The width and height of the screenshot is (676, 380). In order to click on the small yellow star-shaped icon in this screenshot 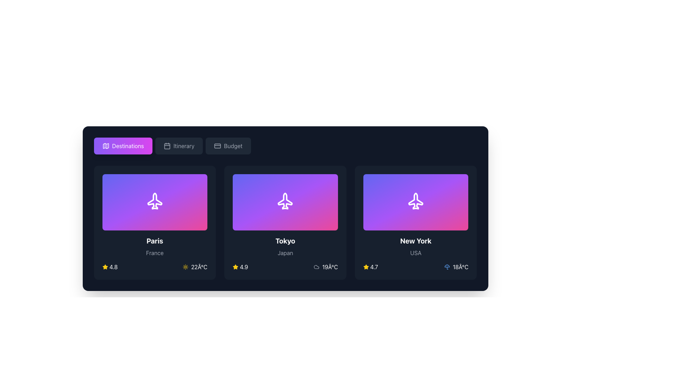, I will do `click(105, 267)`.